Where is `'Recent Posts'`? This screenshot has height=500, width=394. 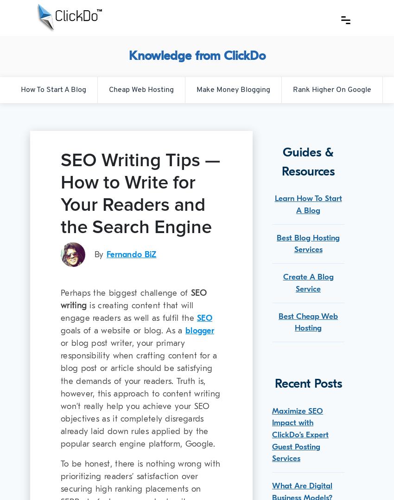
'Recent Posts' is located at coordinates (274, 383).